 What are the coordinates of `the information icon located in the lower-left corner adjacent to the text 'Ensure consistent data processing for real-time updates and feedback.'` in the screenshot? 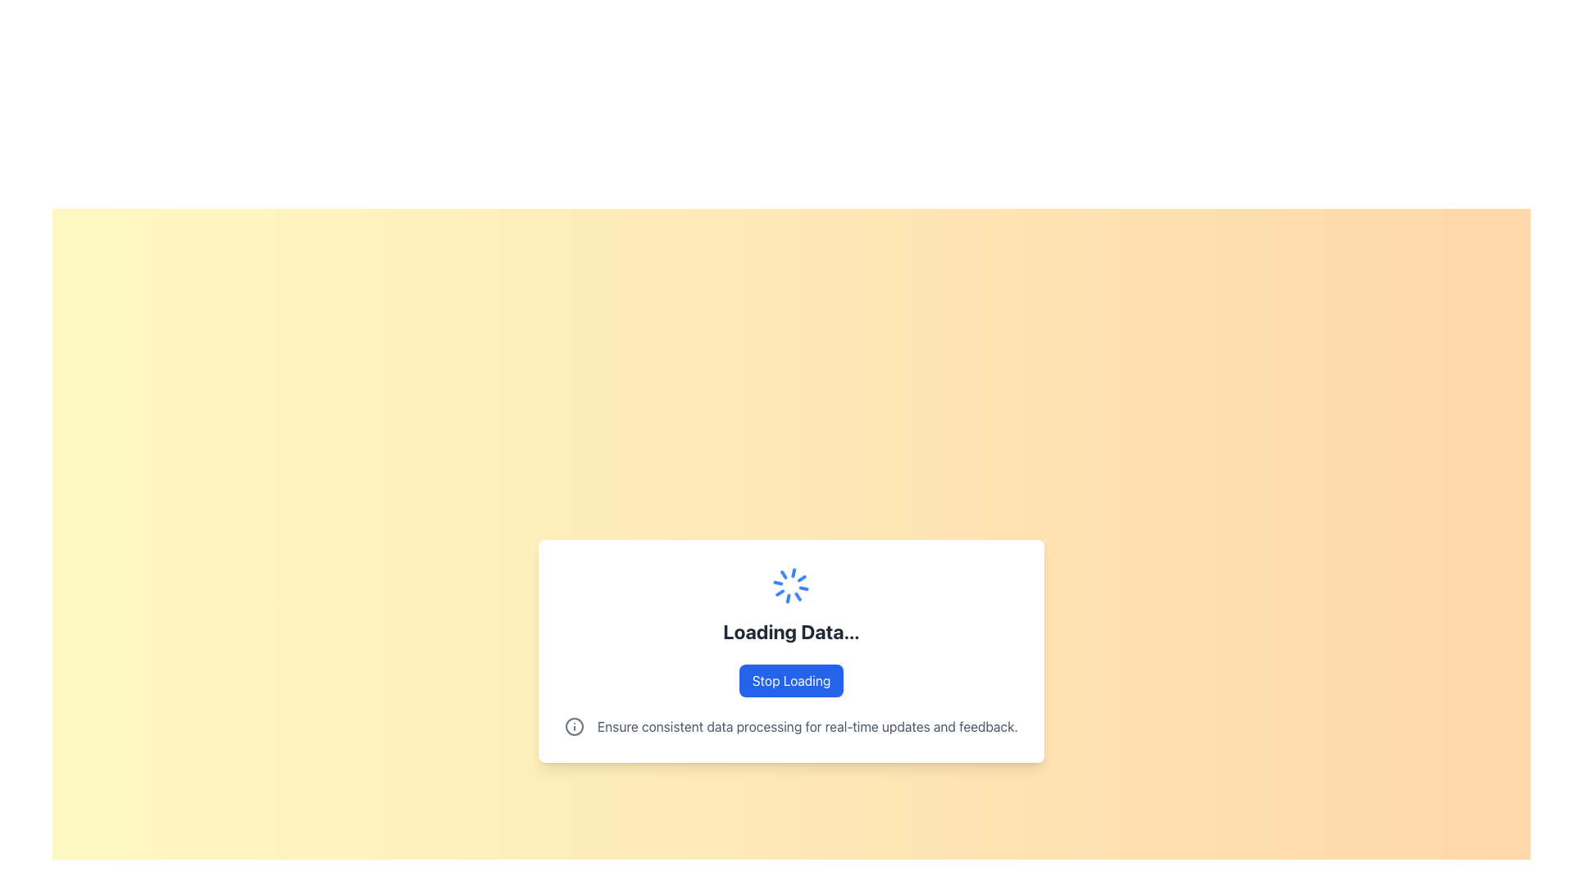 It's located at (574, 726).